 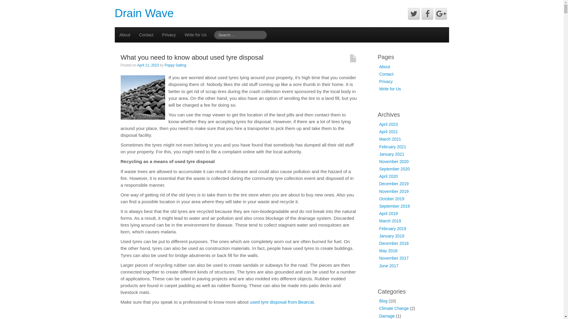 I want to click on 'Drain Wave Facebook', so click(x=427, y=13).